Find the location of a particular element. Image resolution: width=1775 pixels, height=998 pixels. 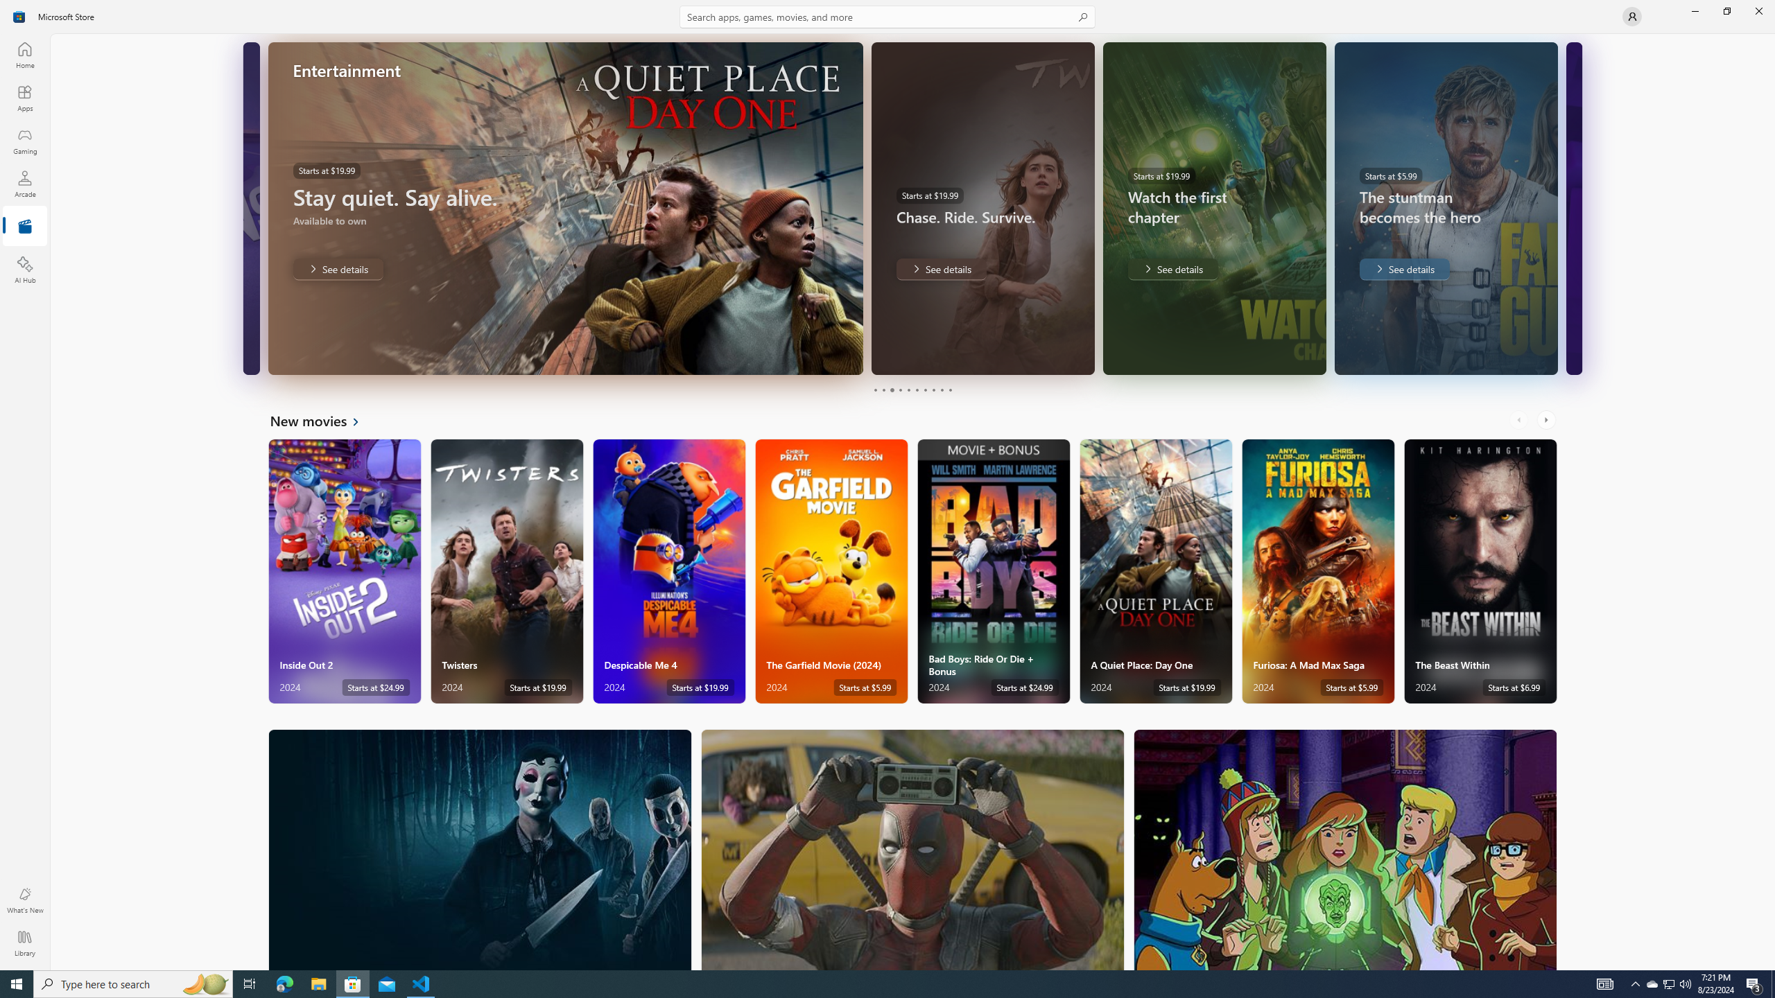

'Page 7' is located at coordinates (924, 389).